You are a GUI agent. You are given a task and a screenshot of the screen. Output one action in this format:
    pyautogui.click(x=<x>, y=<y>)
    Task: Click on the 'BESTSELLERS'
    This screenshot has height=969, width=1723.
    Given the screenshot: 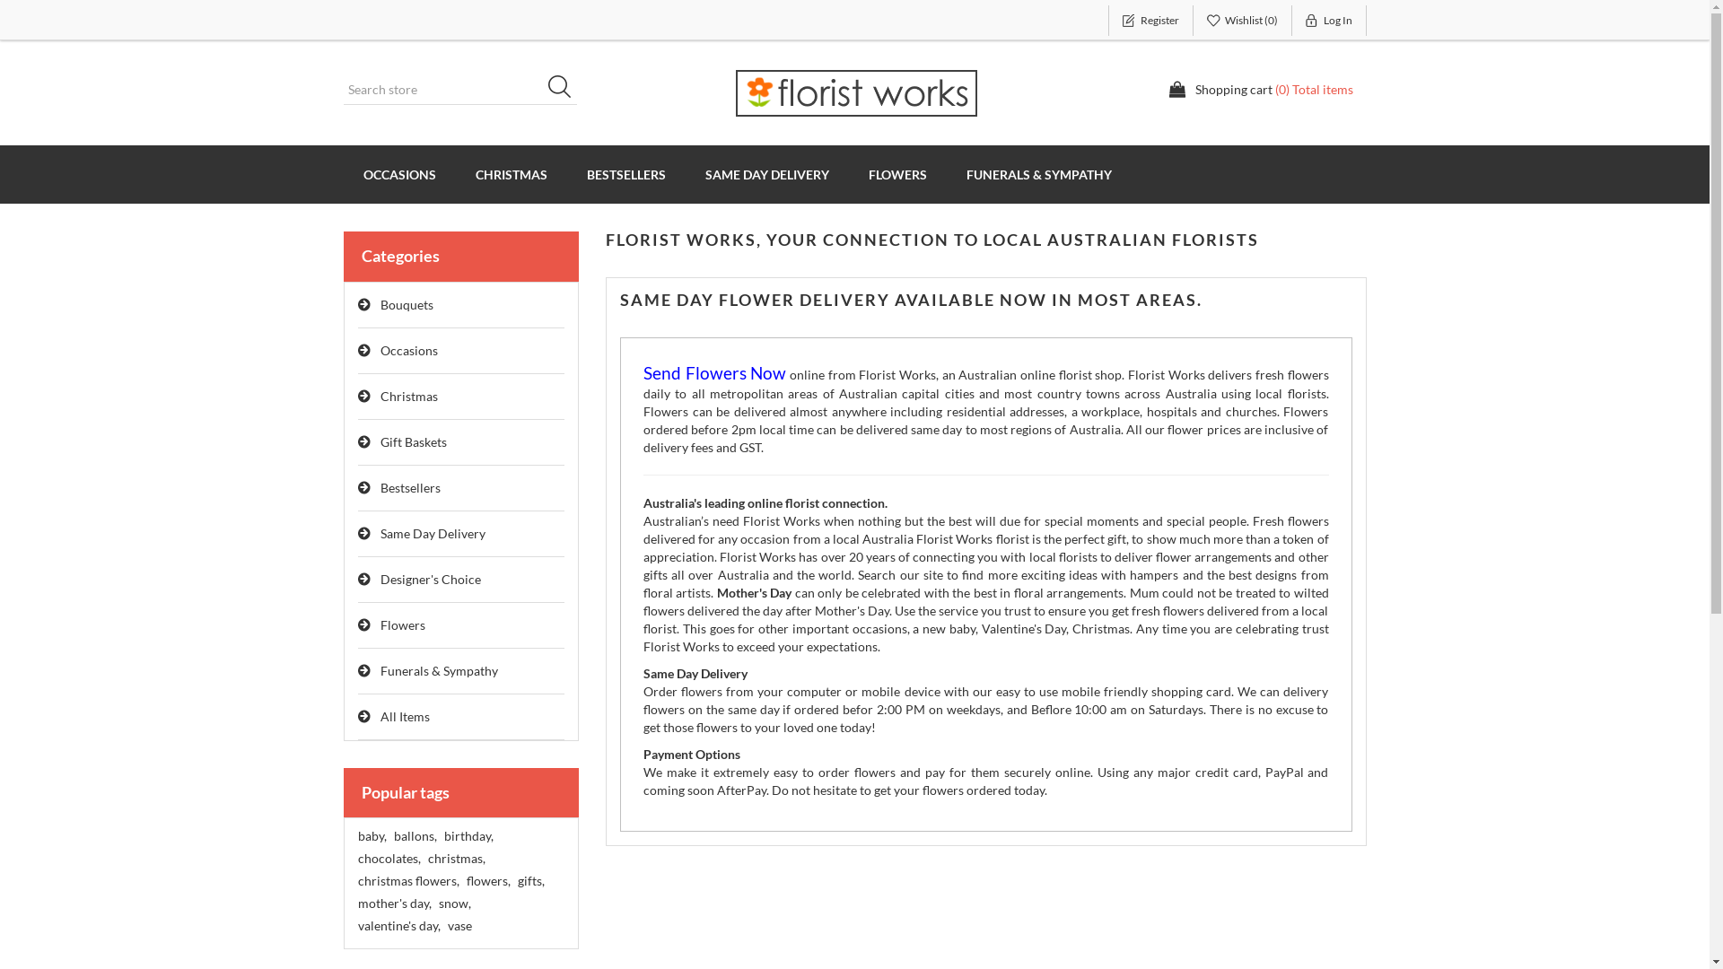 What is the action you would take?
    pyautogui.click(x=625, y=174)
    